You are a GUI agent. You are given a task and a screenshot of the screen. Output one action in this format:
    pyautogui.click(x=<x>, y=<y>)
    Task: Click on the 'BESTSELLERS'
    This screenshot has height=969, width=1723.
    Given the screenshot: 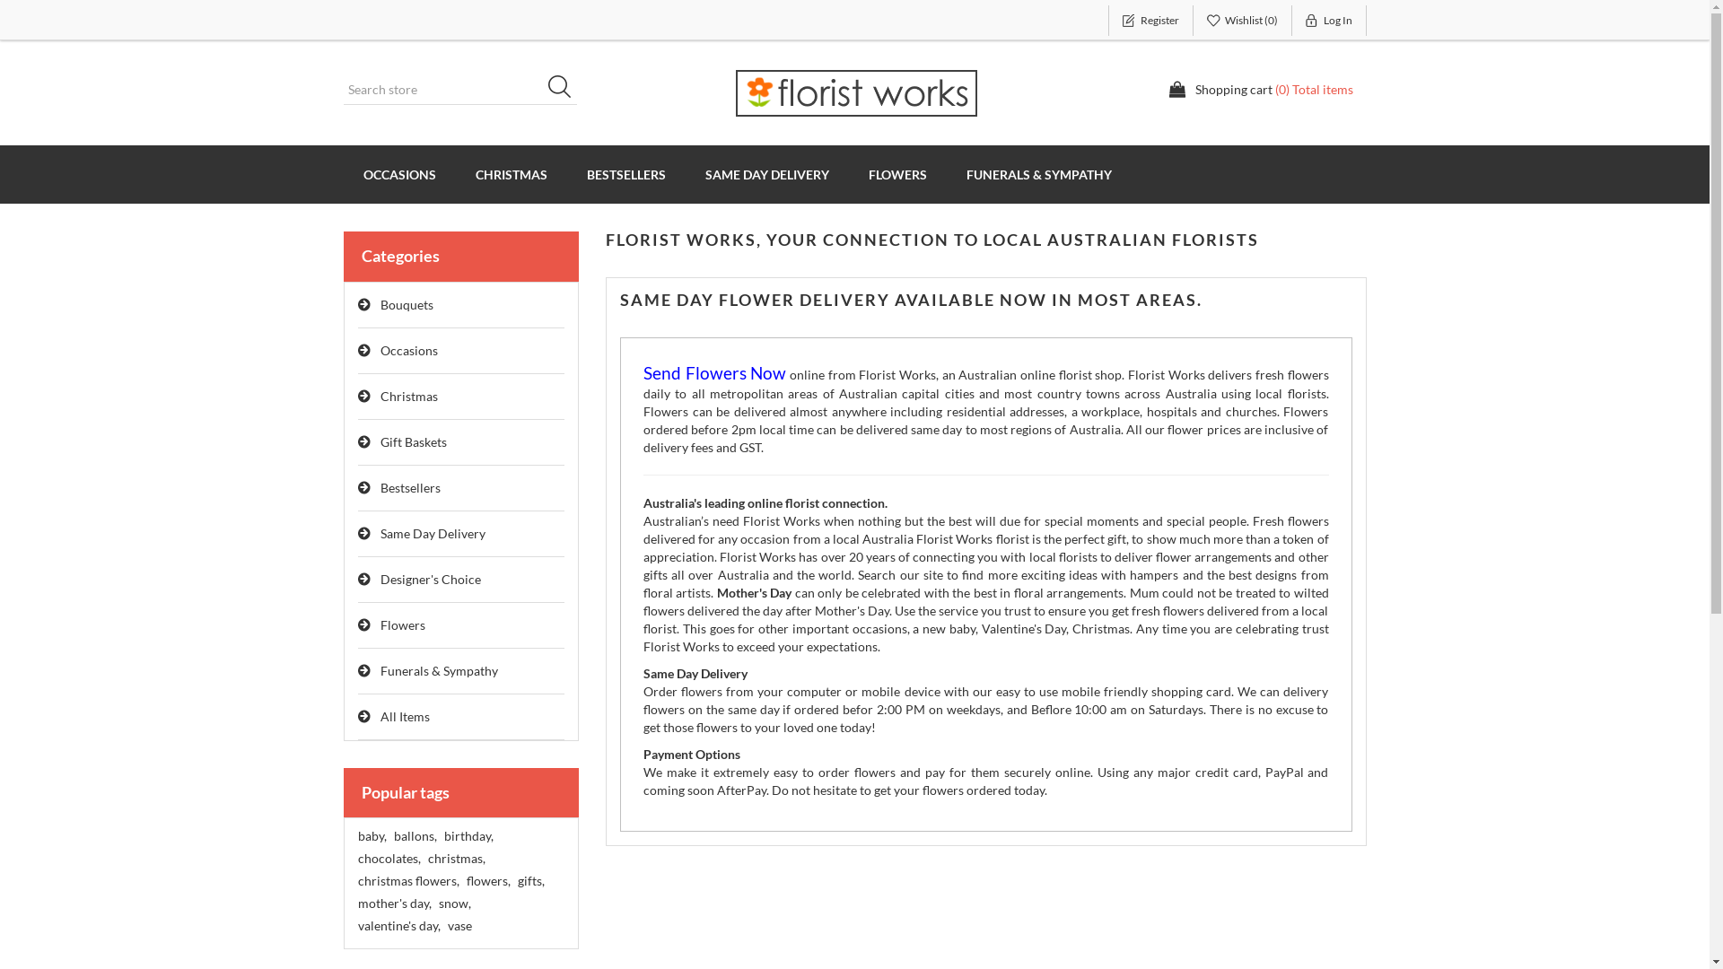 What is the action you would take?
    pyautogui.click(x=625, y=174)
    